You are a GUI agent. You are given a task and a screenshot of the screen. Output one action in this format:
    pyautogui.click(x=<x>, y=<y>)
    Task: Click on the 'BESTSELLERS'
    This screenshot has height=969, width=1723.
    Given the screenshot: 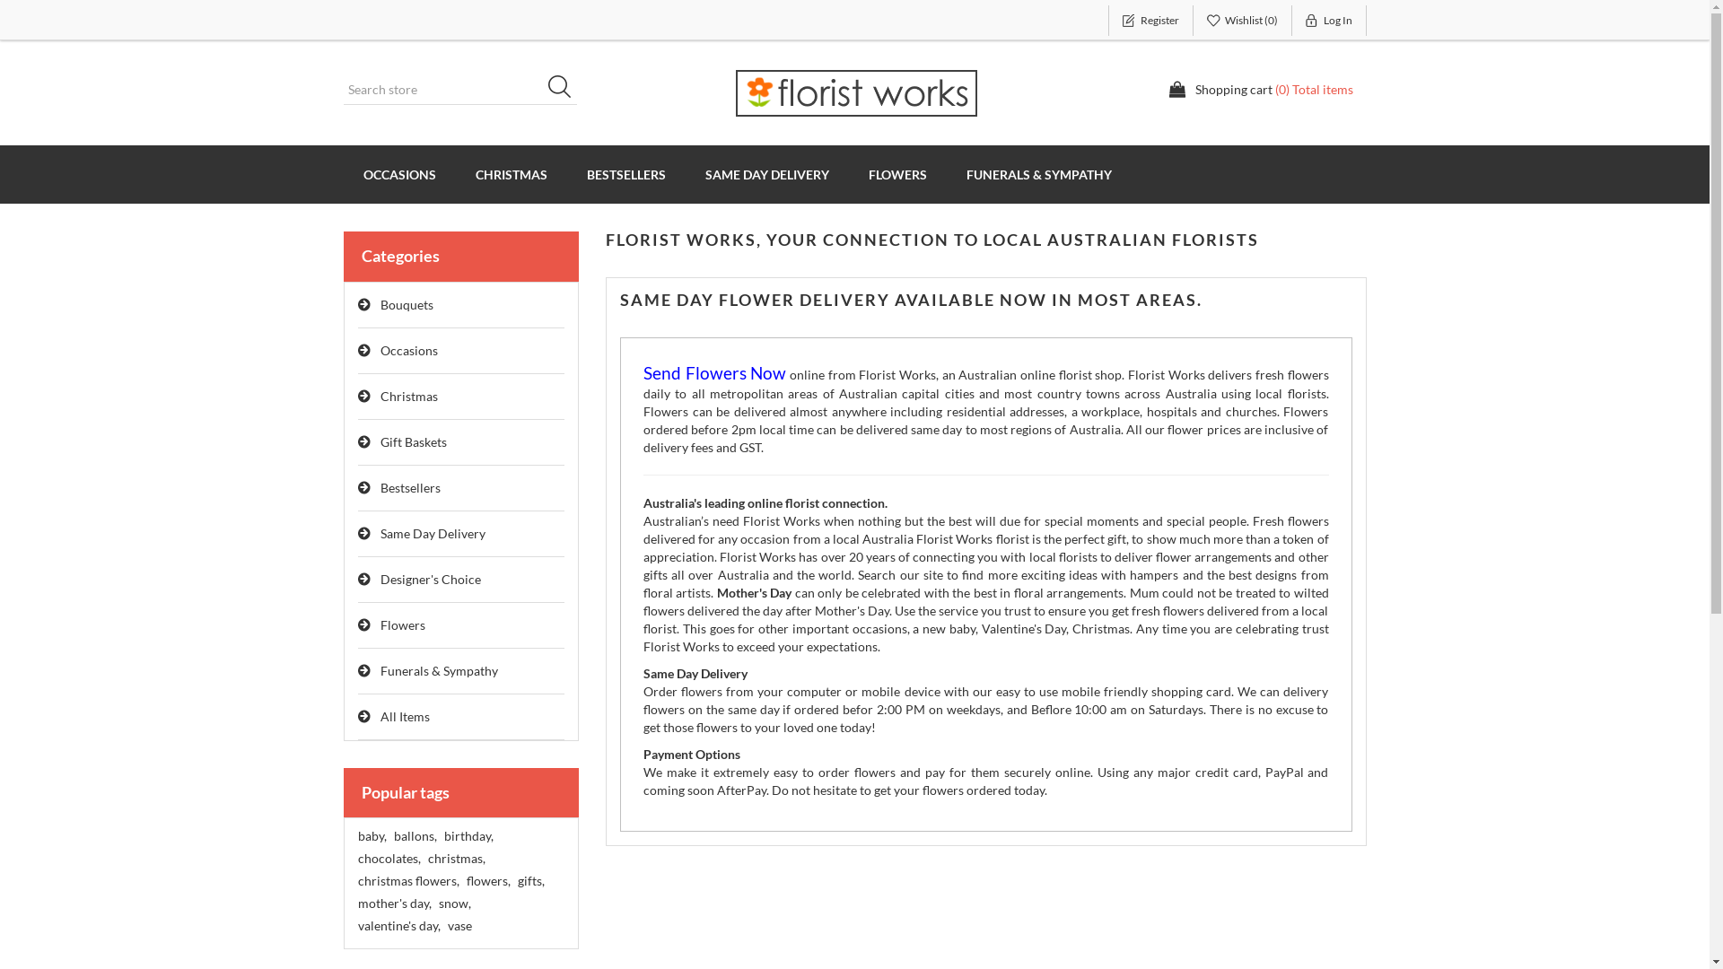 What is the action you would take?
    pyautogui.click(x=625, y=174)
    